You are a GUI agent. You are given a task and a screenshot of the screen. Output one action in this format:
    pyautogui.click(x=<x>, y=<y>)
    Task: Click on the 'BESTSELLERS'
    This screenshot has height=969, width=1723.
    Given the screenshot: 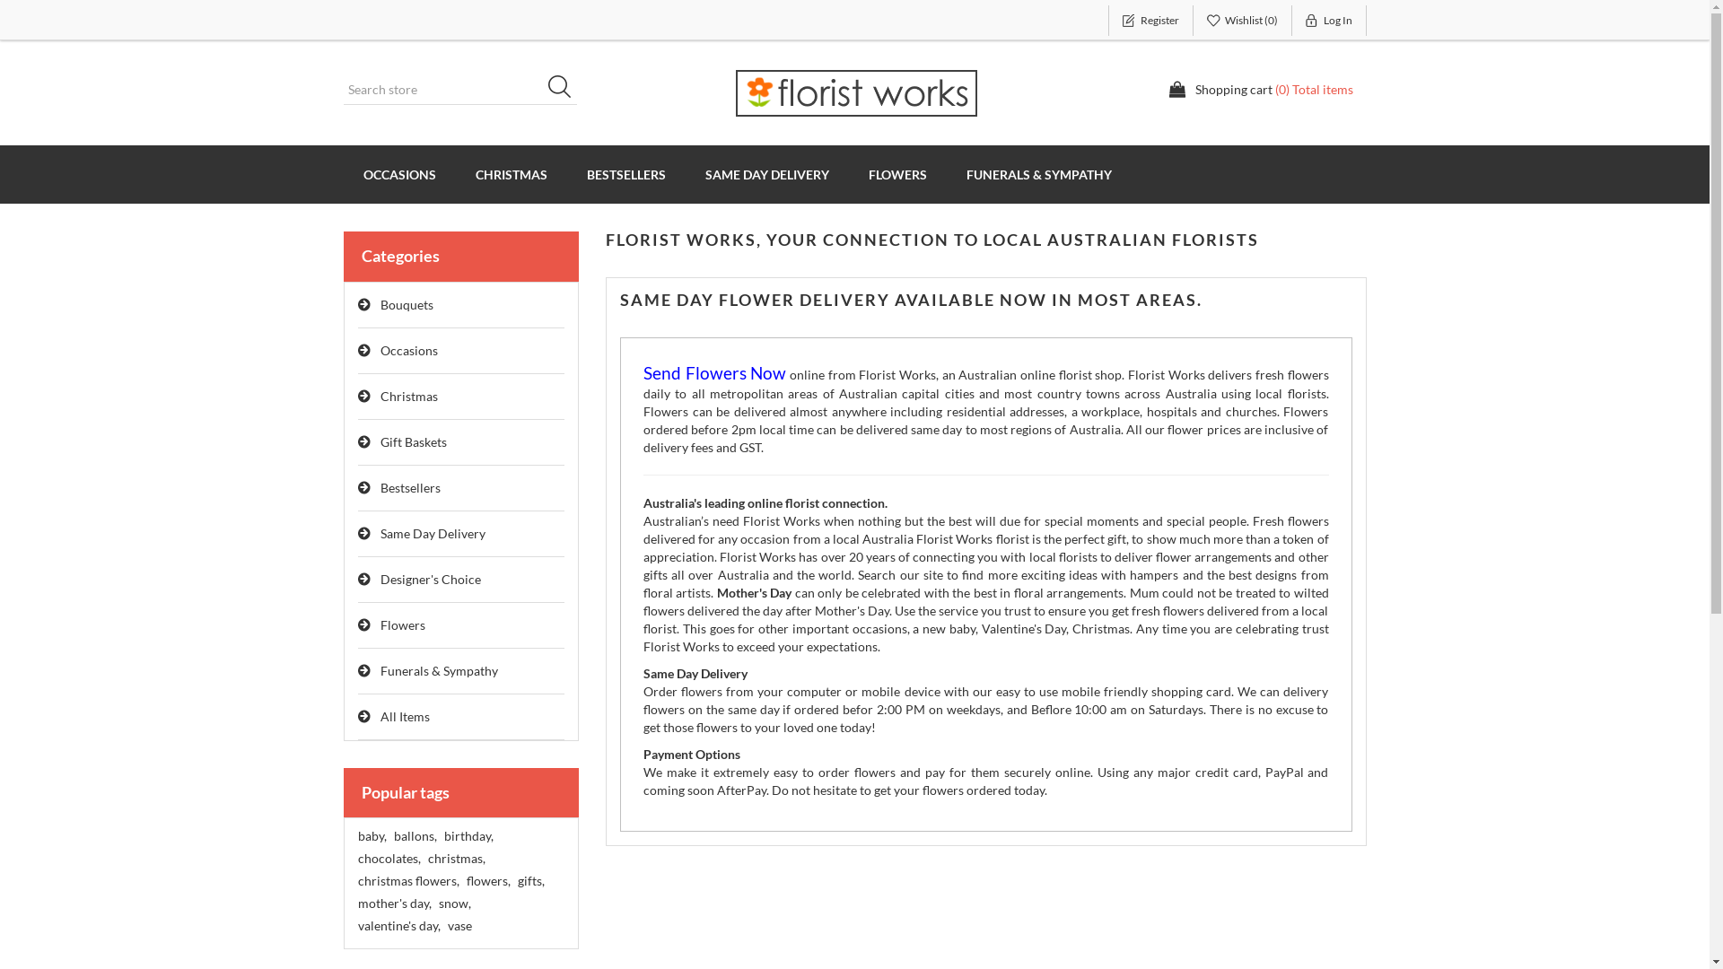 What is the action you would take?
    pyautogui.click(x=625, y=174)
    